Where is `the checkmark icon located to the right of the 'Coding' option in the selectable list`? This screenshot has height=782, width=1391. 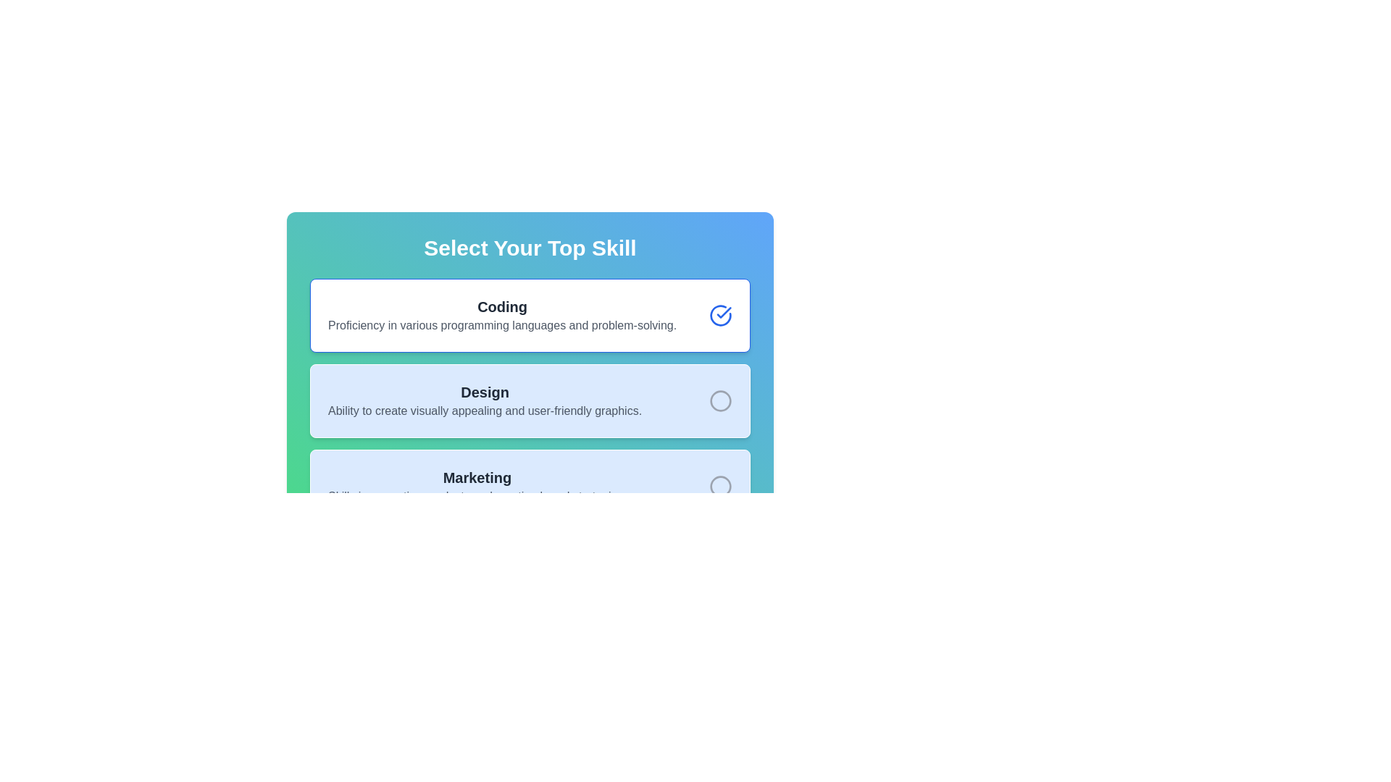 the checkmark icon located to the right of the 'Coding' option in the selectable list is located at coordinates (724, 312).